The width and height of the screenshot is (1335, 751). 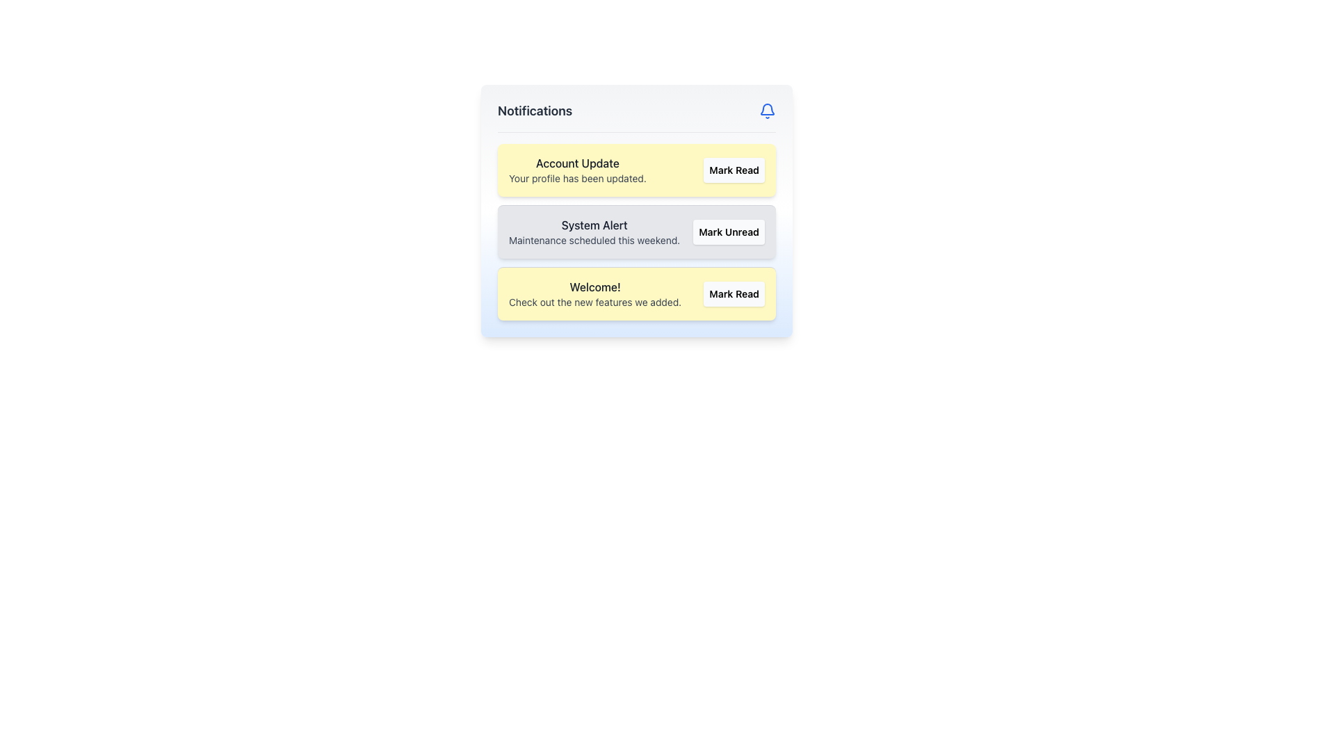 What do you see at coordinates (577, 163) in the screenshot?
I see `the 'Account Update' text label, which is a medium-sized, bold, dark gray or black text on a light yellow background, located at the top-left corner of the notification card` at bounding box center [577, 163].